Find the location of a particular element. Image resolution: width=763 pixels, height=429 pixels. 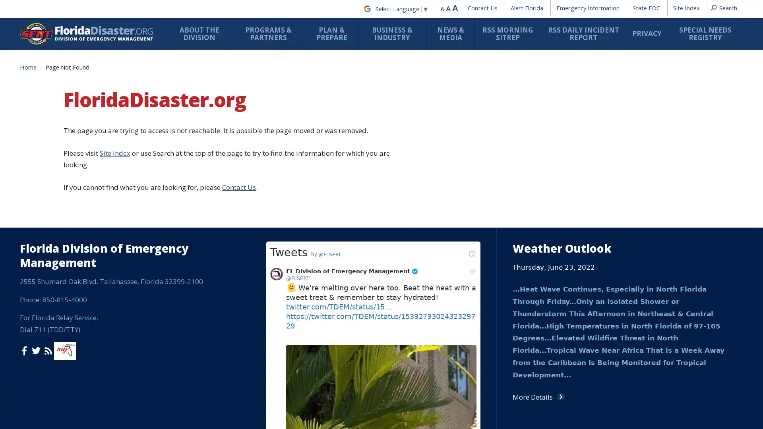

Toggle More is located at coordinates (318, 375).